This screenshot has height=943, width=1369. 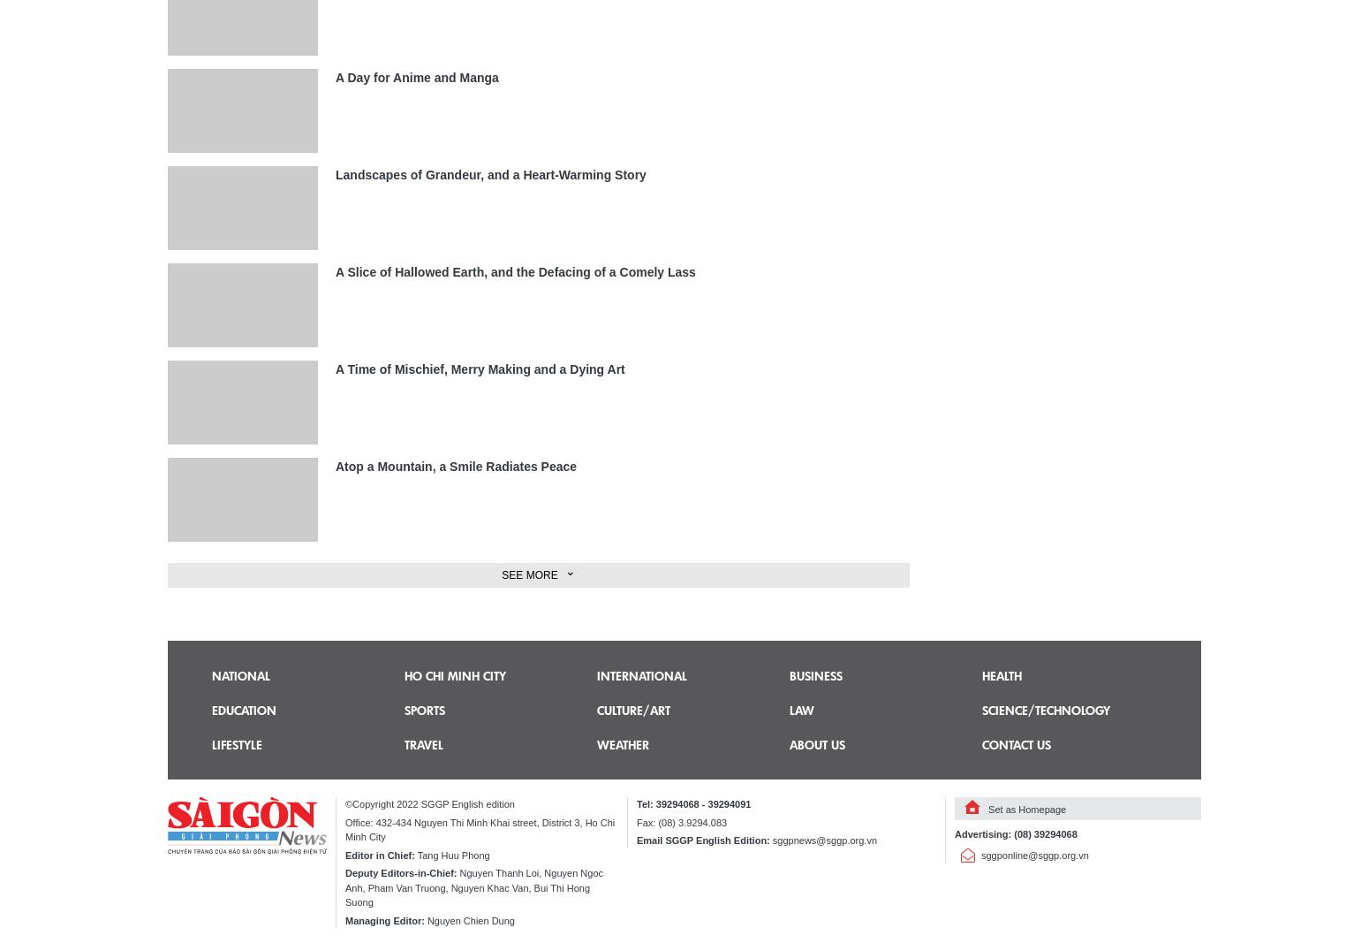 What do you see at coordinates (817, 743) in the screenshot?
I see `'About us'` at bounding box center [817, 743].